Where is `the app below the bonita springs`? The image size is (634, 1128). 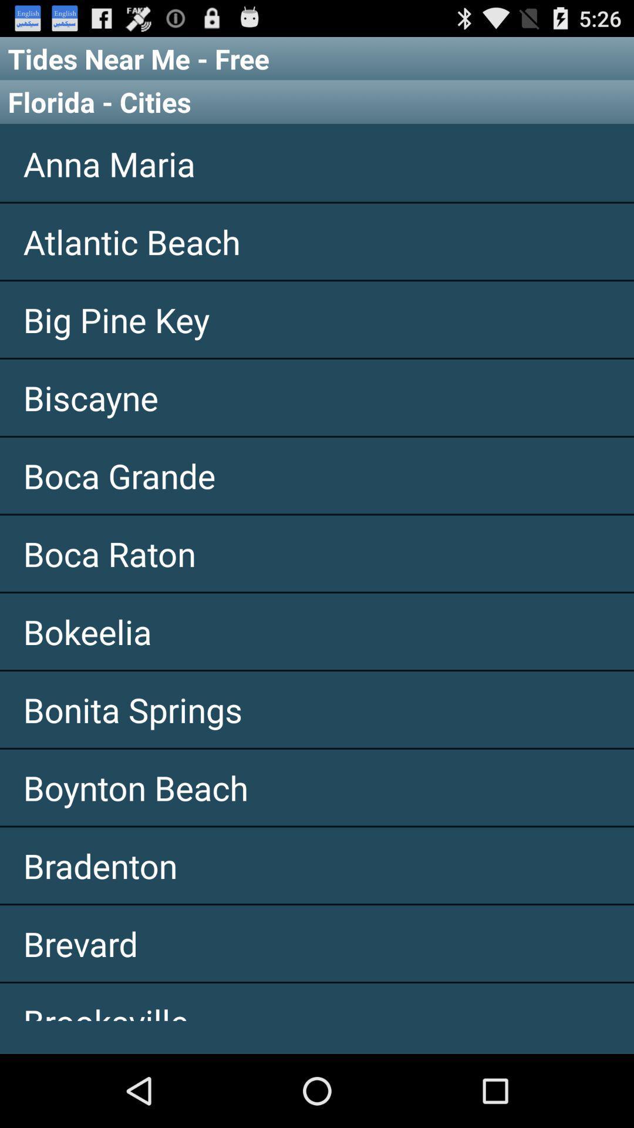 the app below the bonita springs is located at coordinates (317, 787).